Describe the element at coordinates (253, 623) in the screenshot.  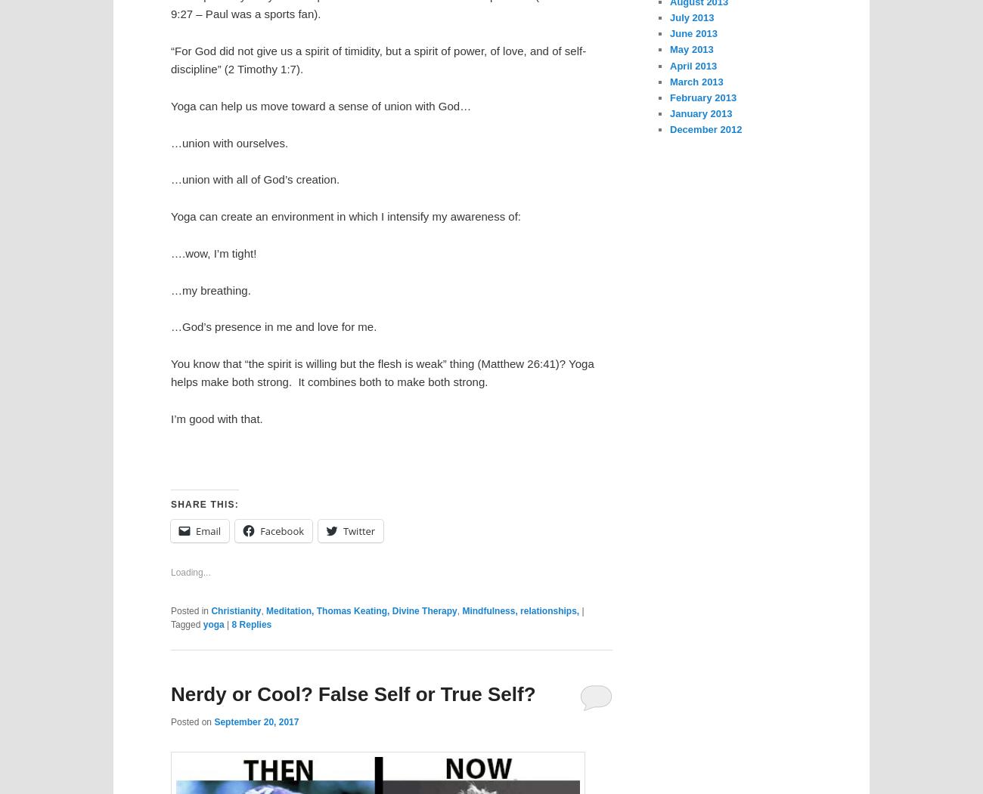
I see `'Replies'` at that location.